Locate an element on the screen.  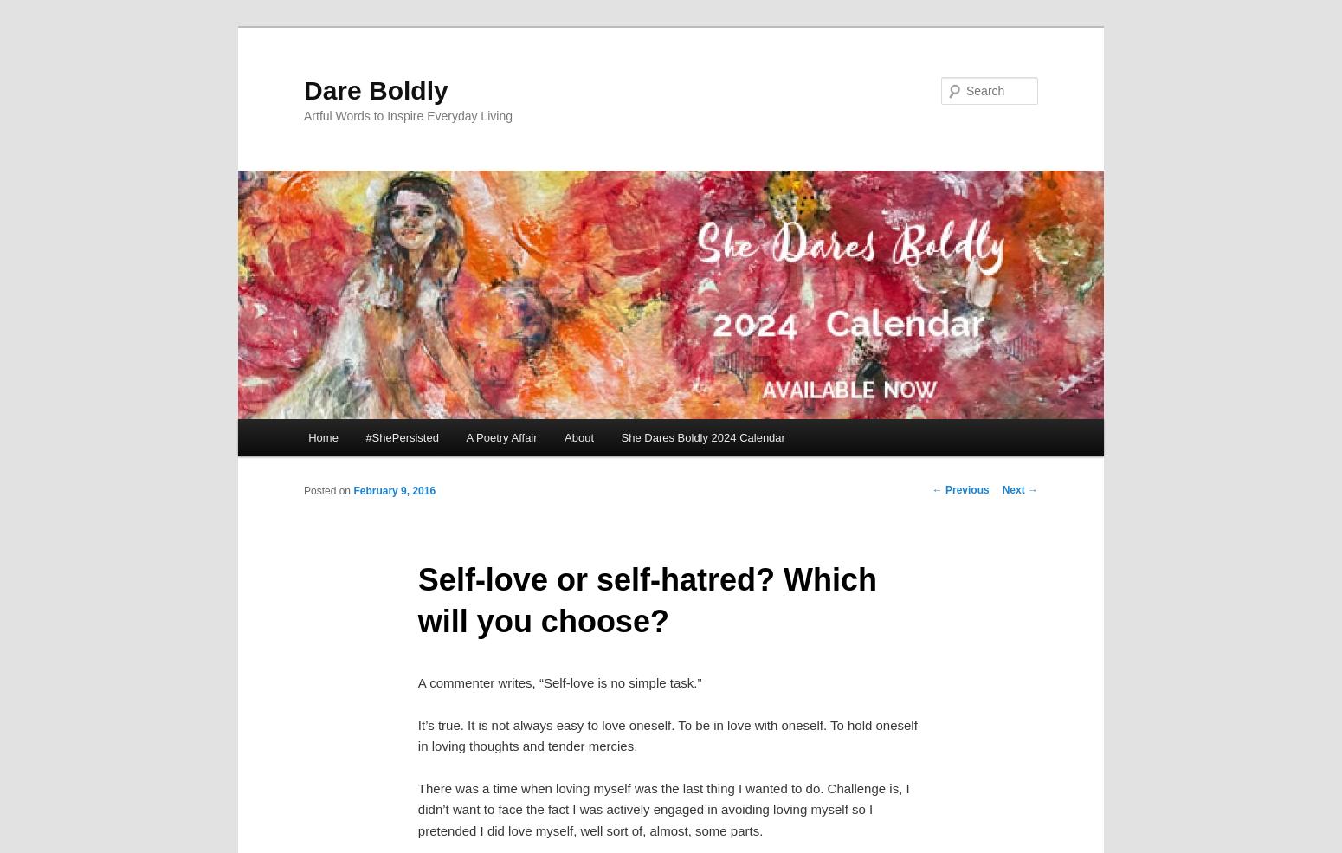
'Next' is located at coordinates (1014, 489).